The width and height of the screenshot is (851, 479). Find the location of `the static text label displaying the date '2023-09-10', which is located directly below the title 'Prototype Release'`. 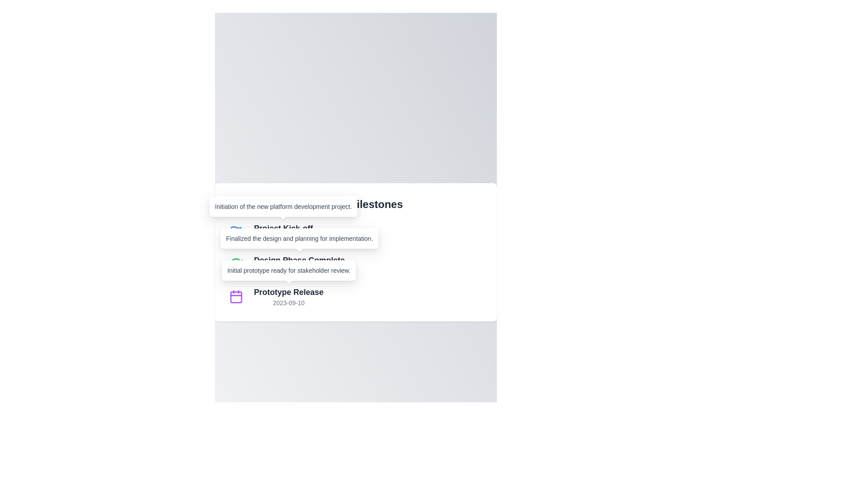

the static text label displaying the date '2023-09-10', which is located directly below the title 'Prototype Release' is located at coordinates (289, 302).